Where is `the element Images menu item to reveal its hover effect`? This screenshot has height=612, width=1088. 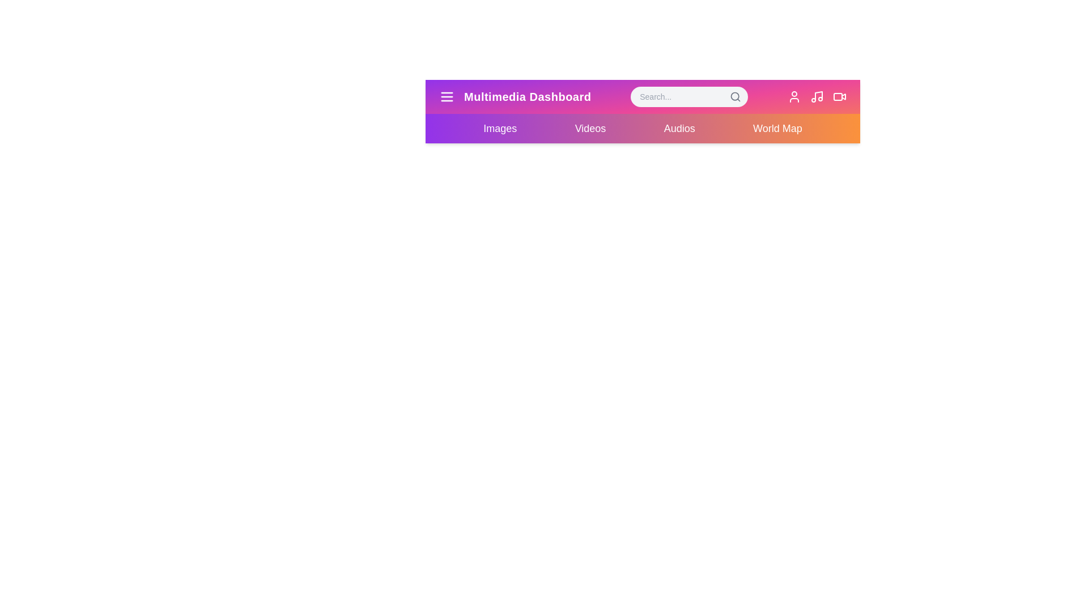 the element Images menu item to reveal its hover effect is located at coordinates (499, 128).